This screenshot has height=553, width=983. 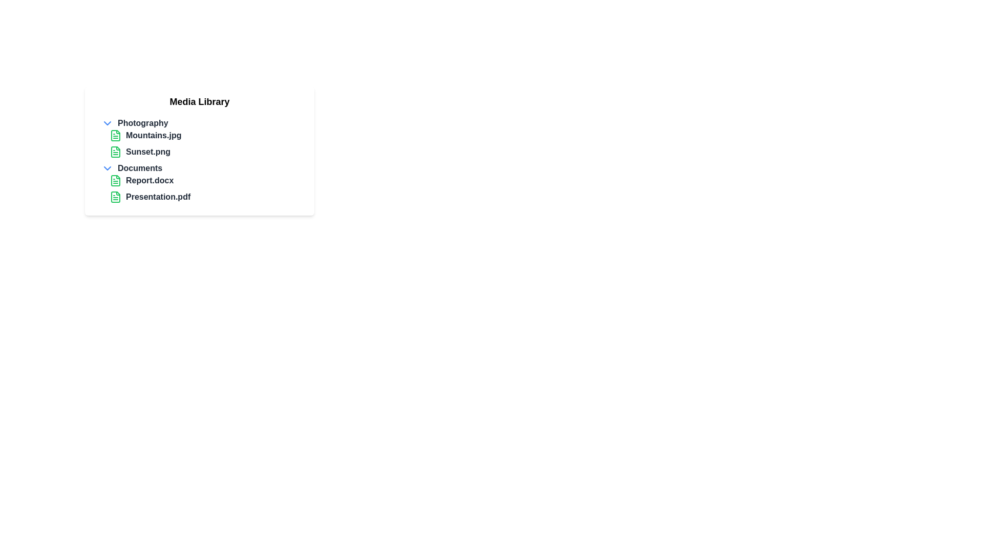 What do you see at coordinates (147, 152) in the screenshot?
I see `the bolded text label 'Sunset.png' in the media library` at bounding box center [147, 152].